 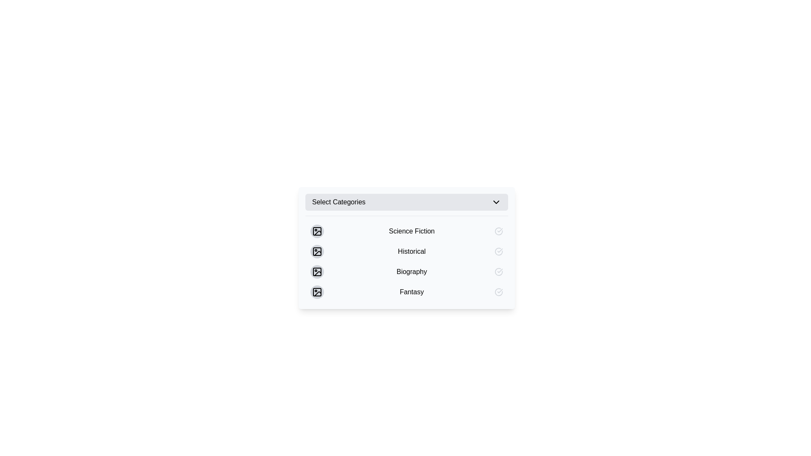 I want to click on the circular checkmark icon styled in light-gray, located at the end of the 'Science Fiction' category row in the list interface, so click(x=498, y=231).